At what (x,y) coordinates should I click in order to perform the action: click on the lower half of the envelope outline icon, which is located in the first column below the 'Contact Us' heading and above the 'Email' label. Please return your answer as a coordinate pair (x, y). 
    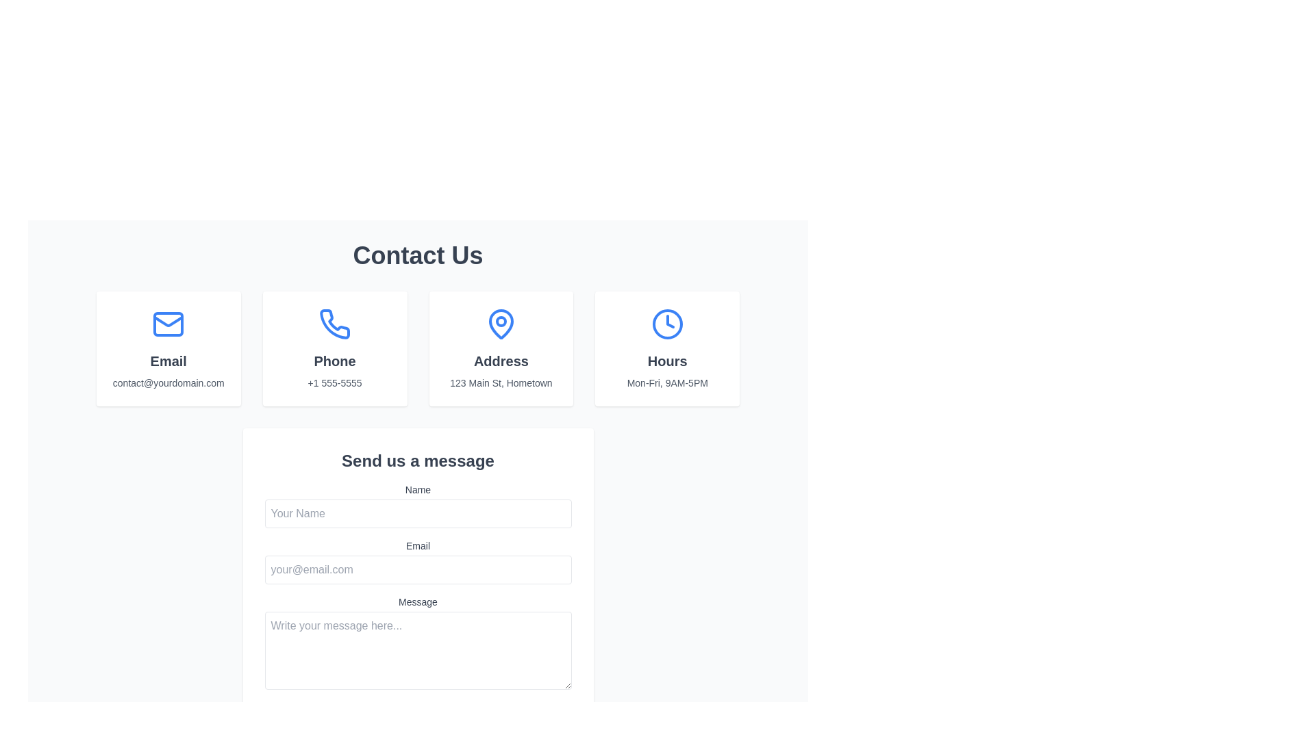
    Looking at the image, I should click on (168, 322).